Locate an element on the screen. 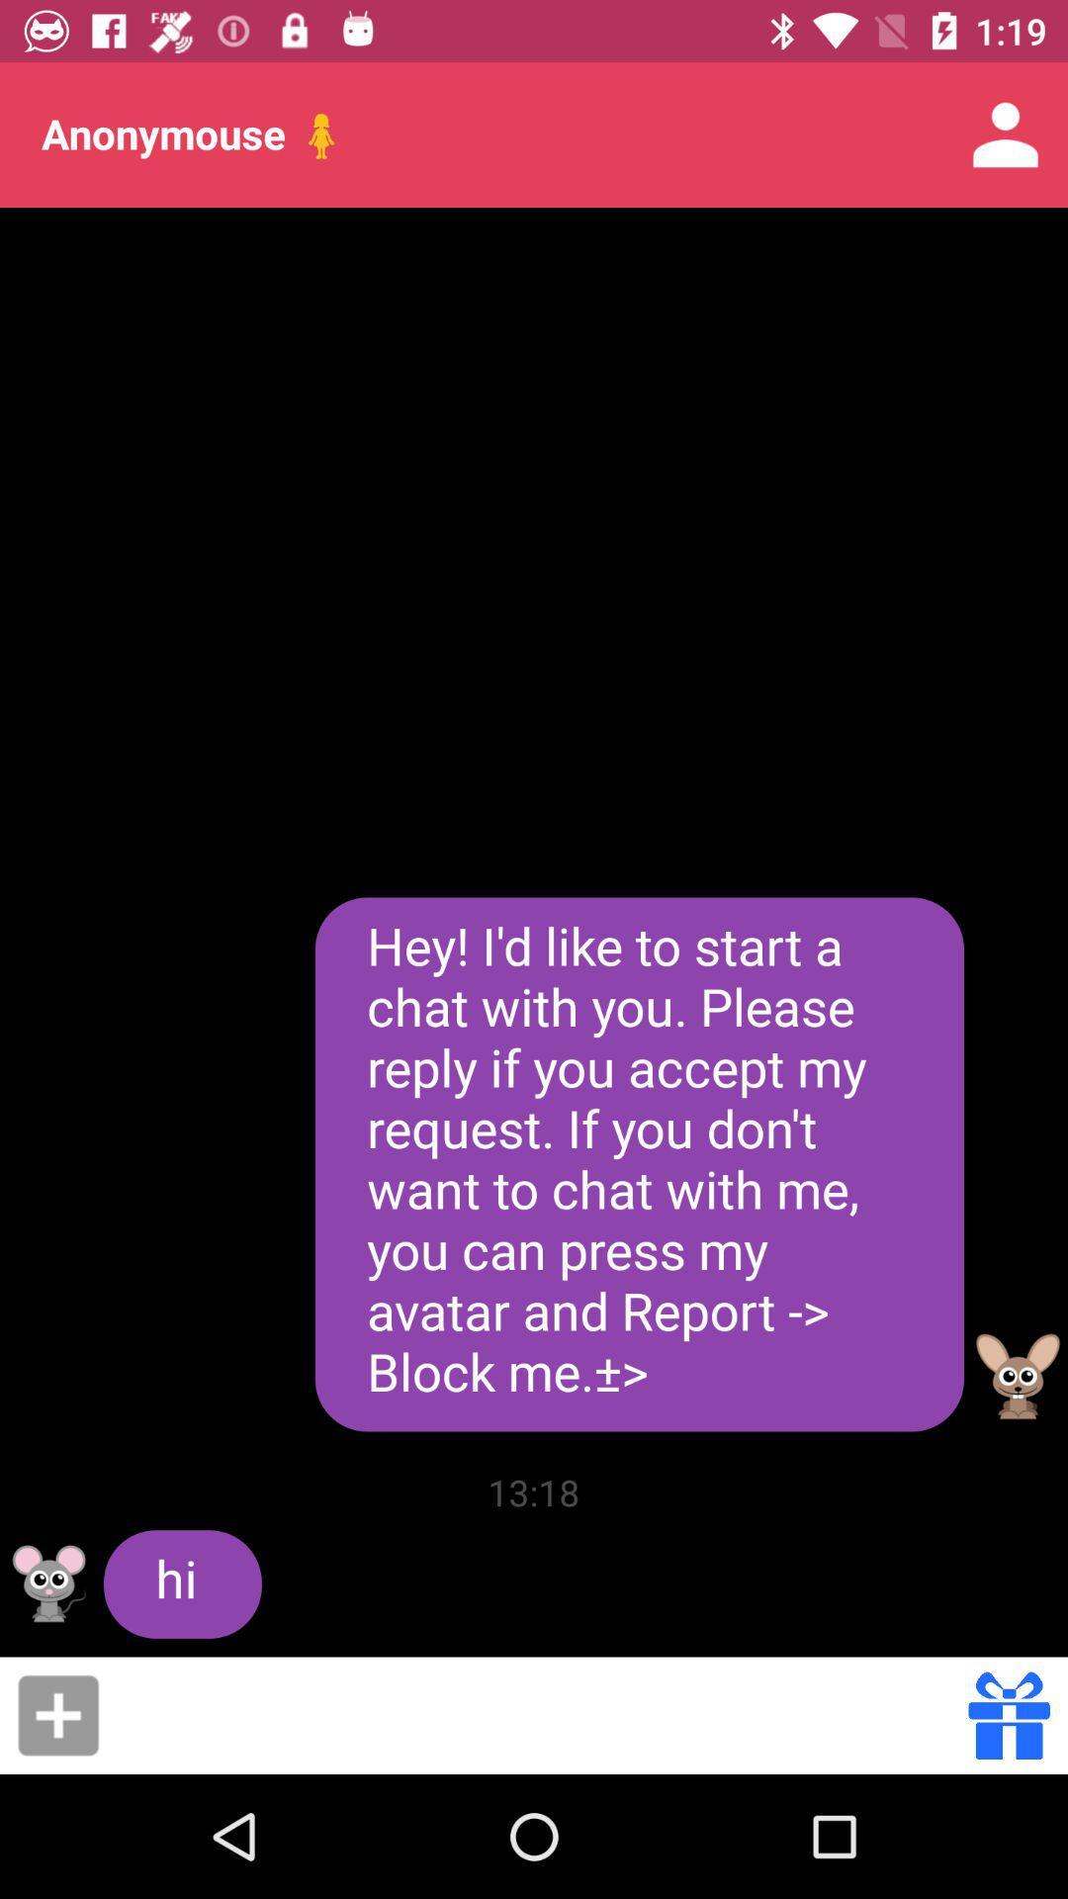  the icon to the left of the 13:18 icon is located at coordinates (182, 1584).